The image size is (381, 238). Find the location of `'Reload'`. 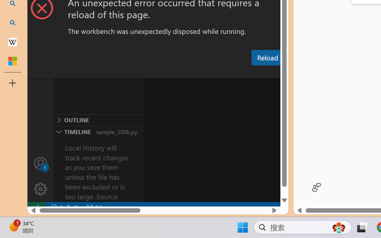

'Reload' is located at coordinates (267, 57).